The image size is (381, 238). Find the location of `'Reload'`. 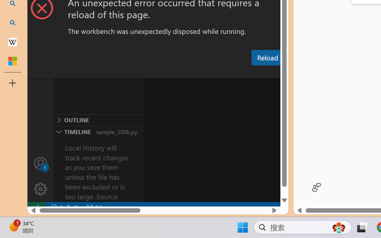

'Reload' is located at coordinates (267, 57).